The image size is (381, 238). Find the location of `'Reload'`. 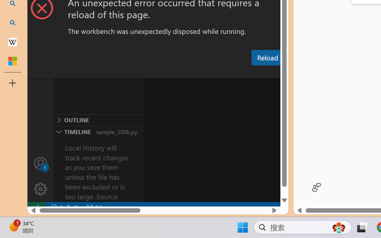

'Reload' is located at coordinates (267, 57).